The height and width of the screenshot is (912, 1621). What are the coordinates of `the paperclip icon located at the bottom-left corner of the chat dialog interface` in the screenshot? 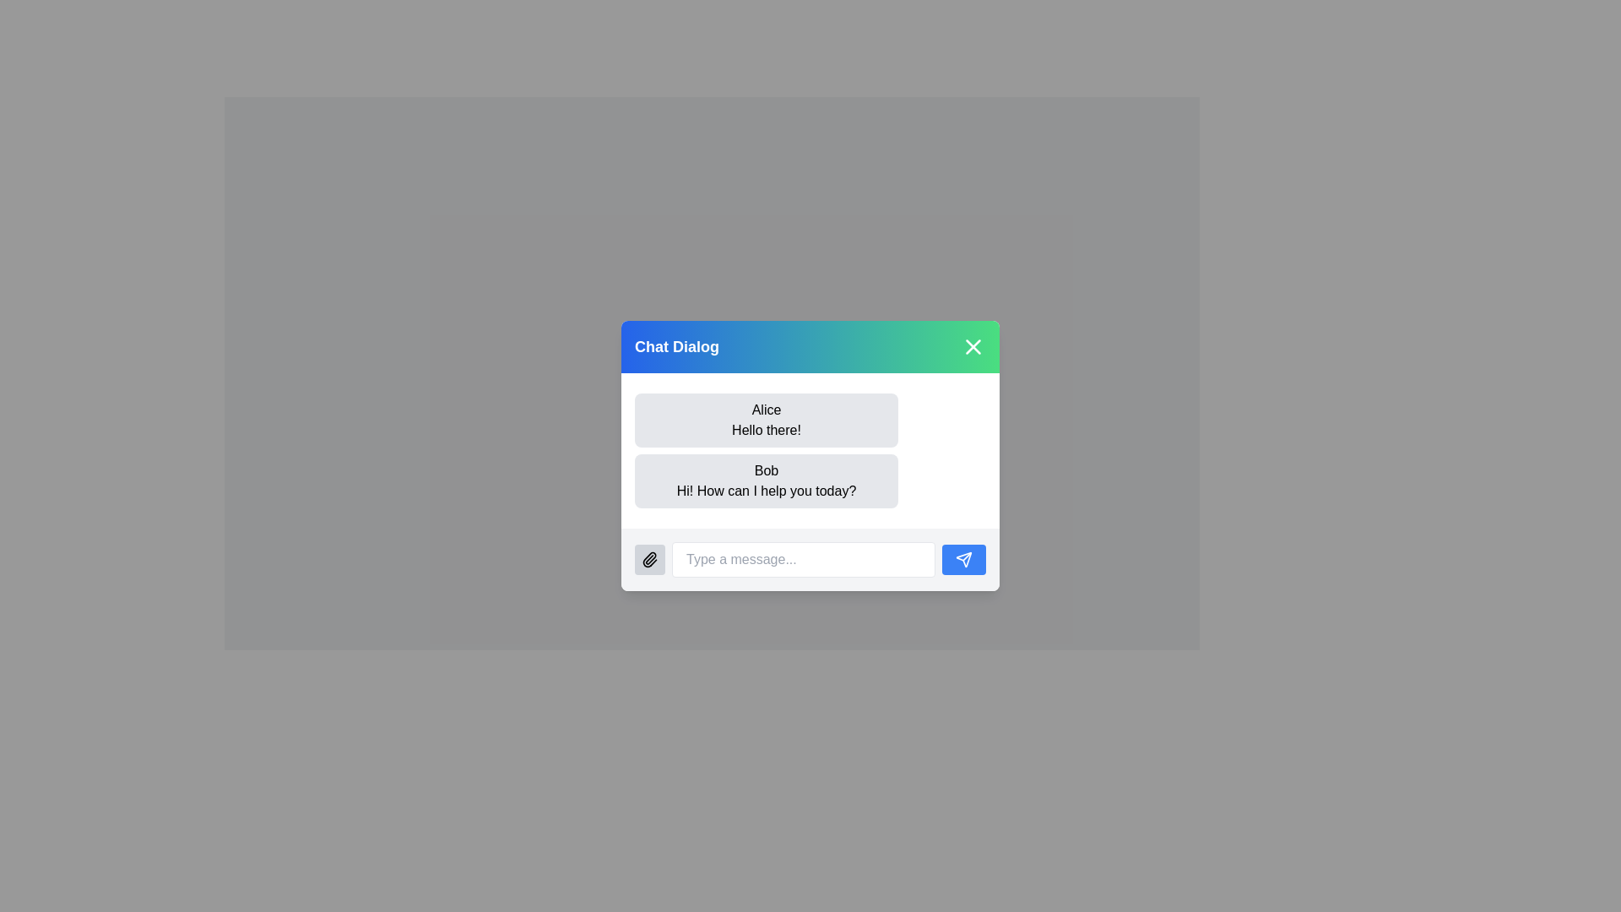 It's located at (648, 560).